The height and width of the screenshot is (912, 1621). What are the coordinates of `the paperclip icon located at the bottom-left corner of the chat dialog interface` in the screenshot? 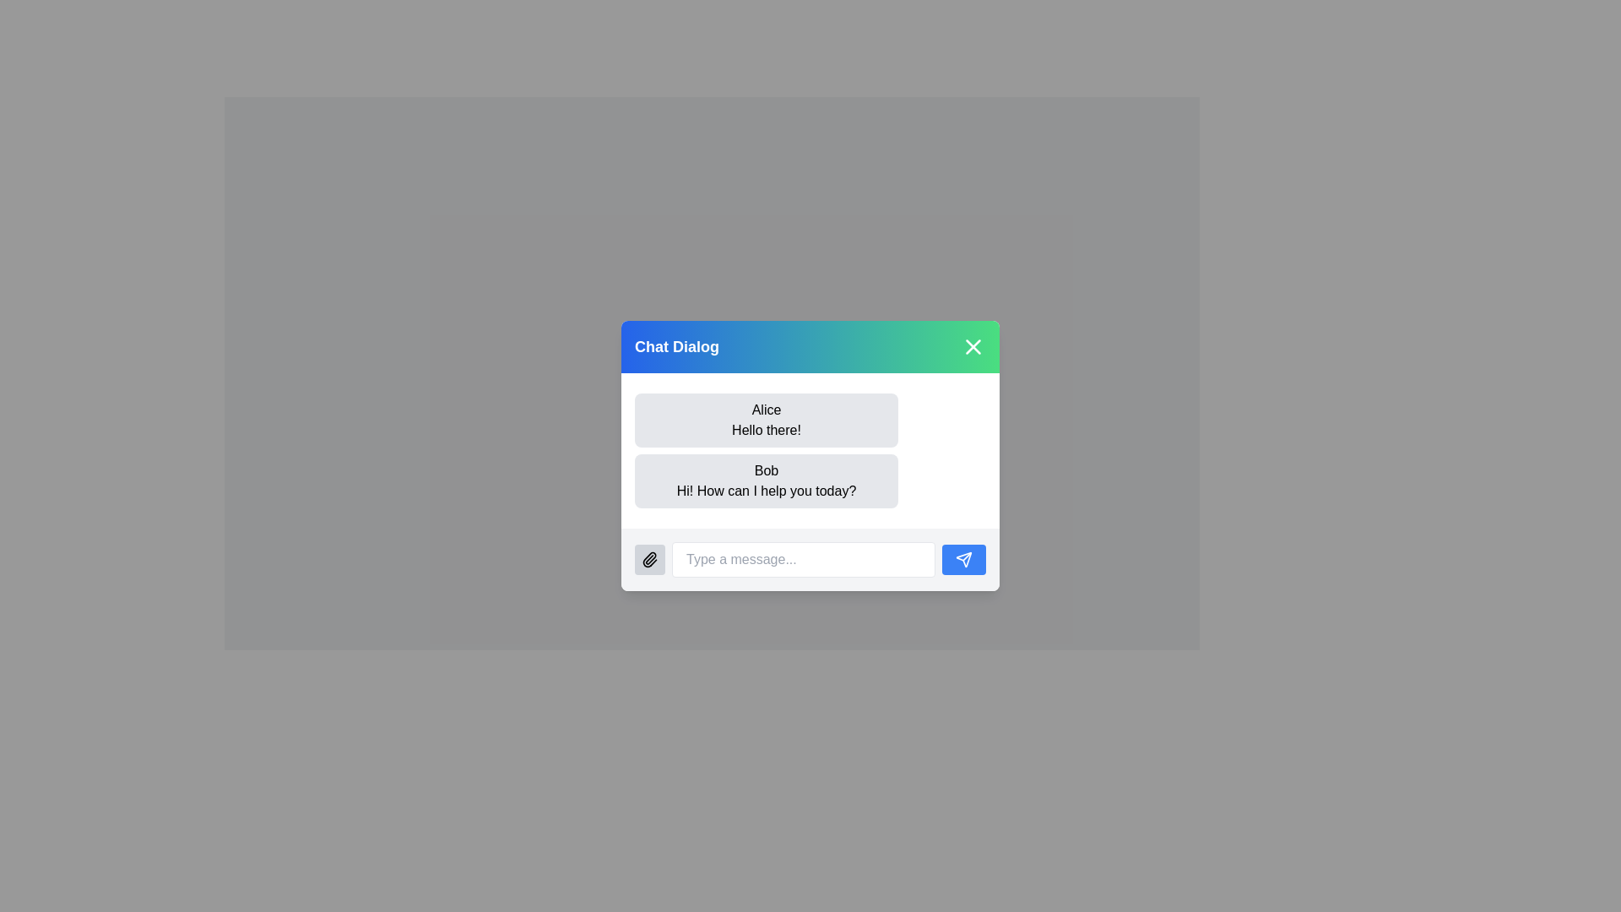 It's located at (648, 560).